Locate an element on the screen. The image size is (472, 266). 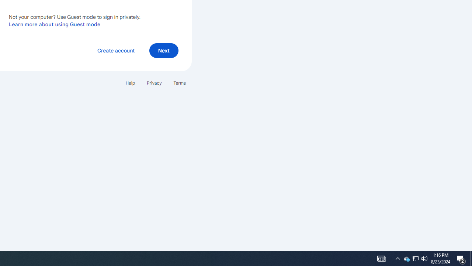
'Next' is located at coordinates (163, 50).